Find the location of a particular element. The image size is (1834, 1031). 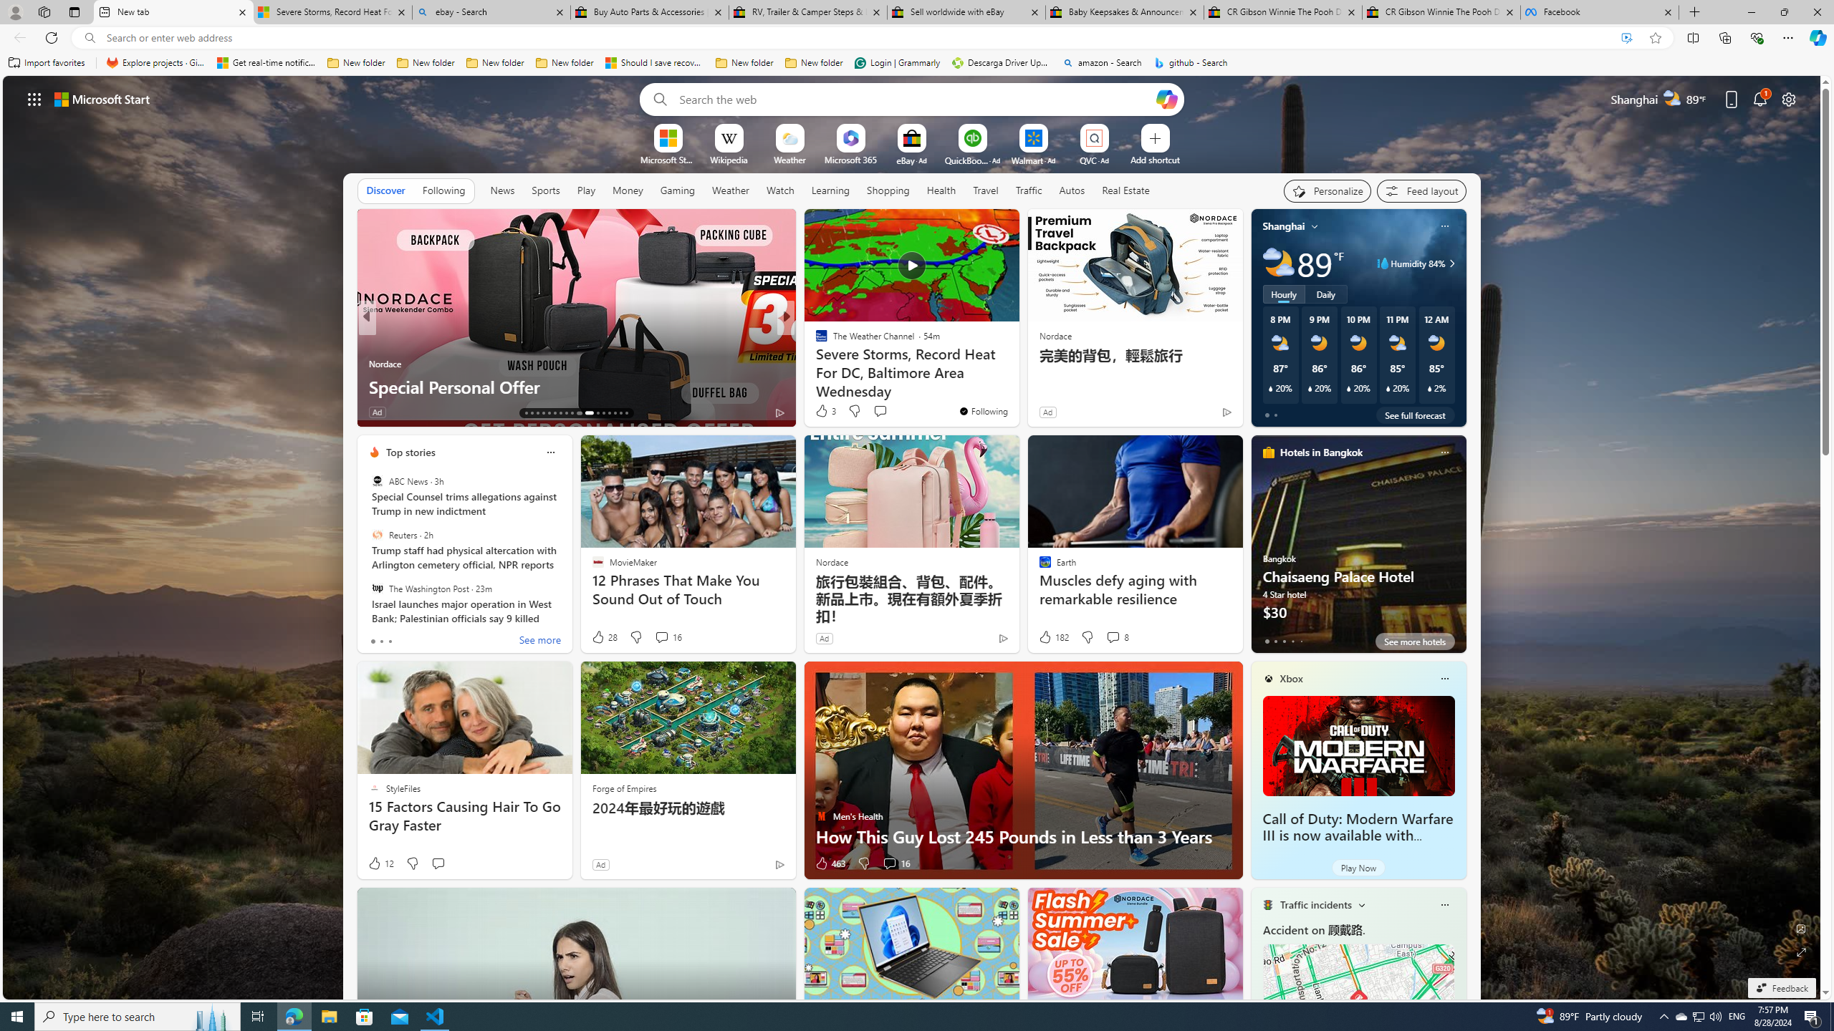

'More options' is located at coordinates (1444, 904).